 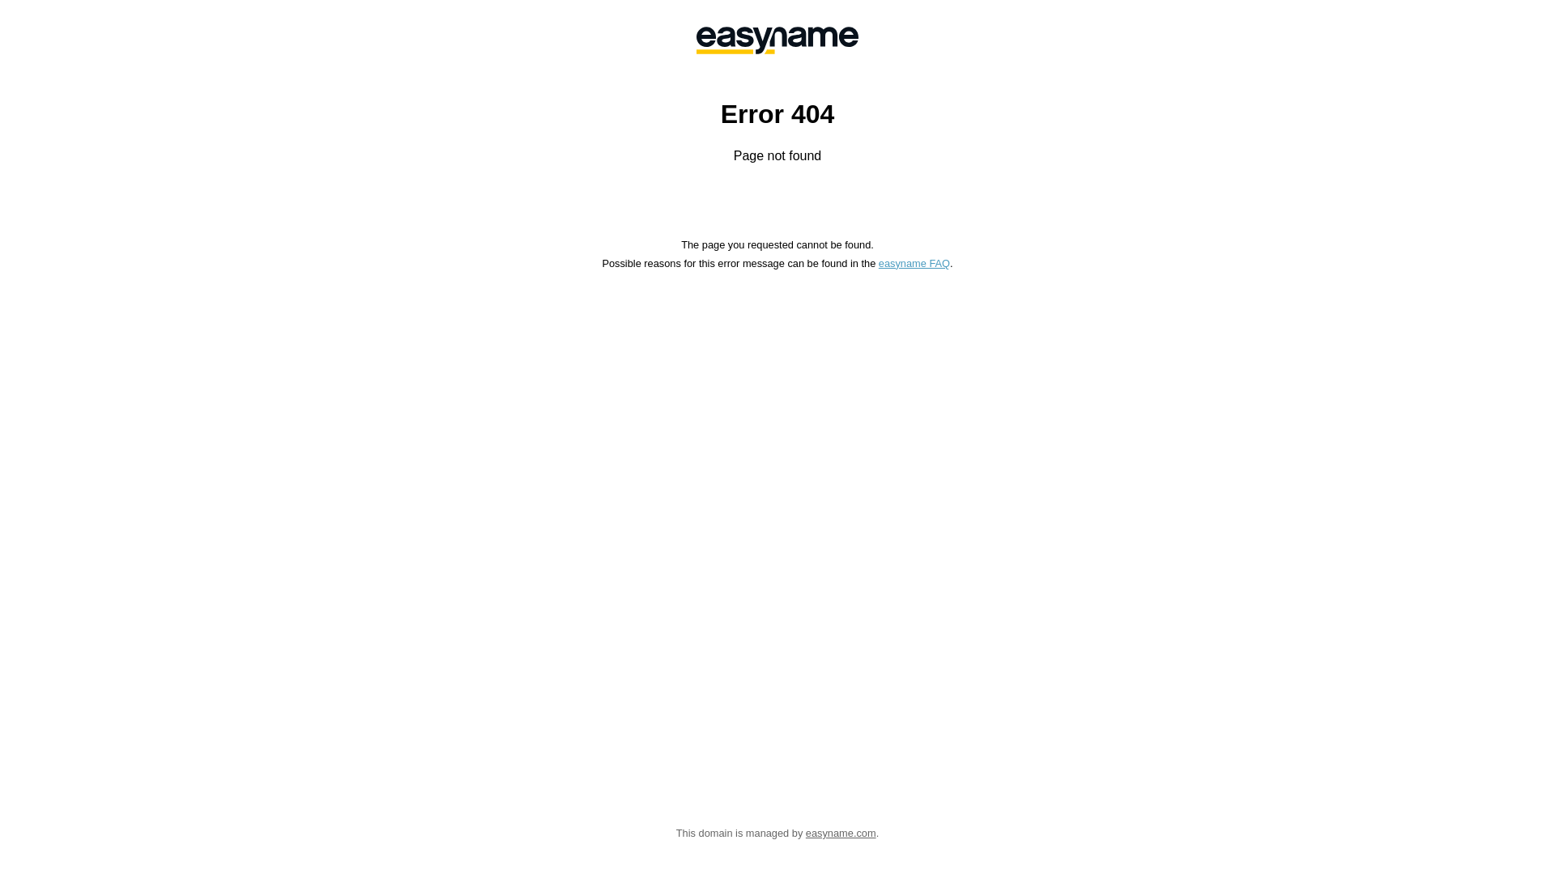 What do you see at coordinates (914, 262) in the screenshot?
I see `'easyname FAQ'` at bounding box center [914, 262].